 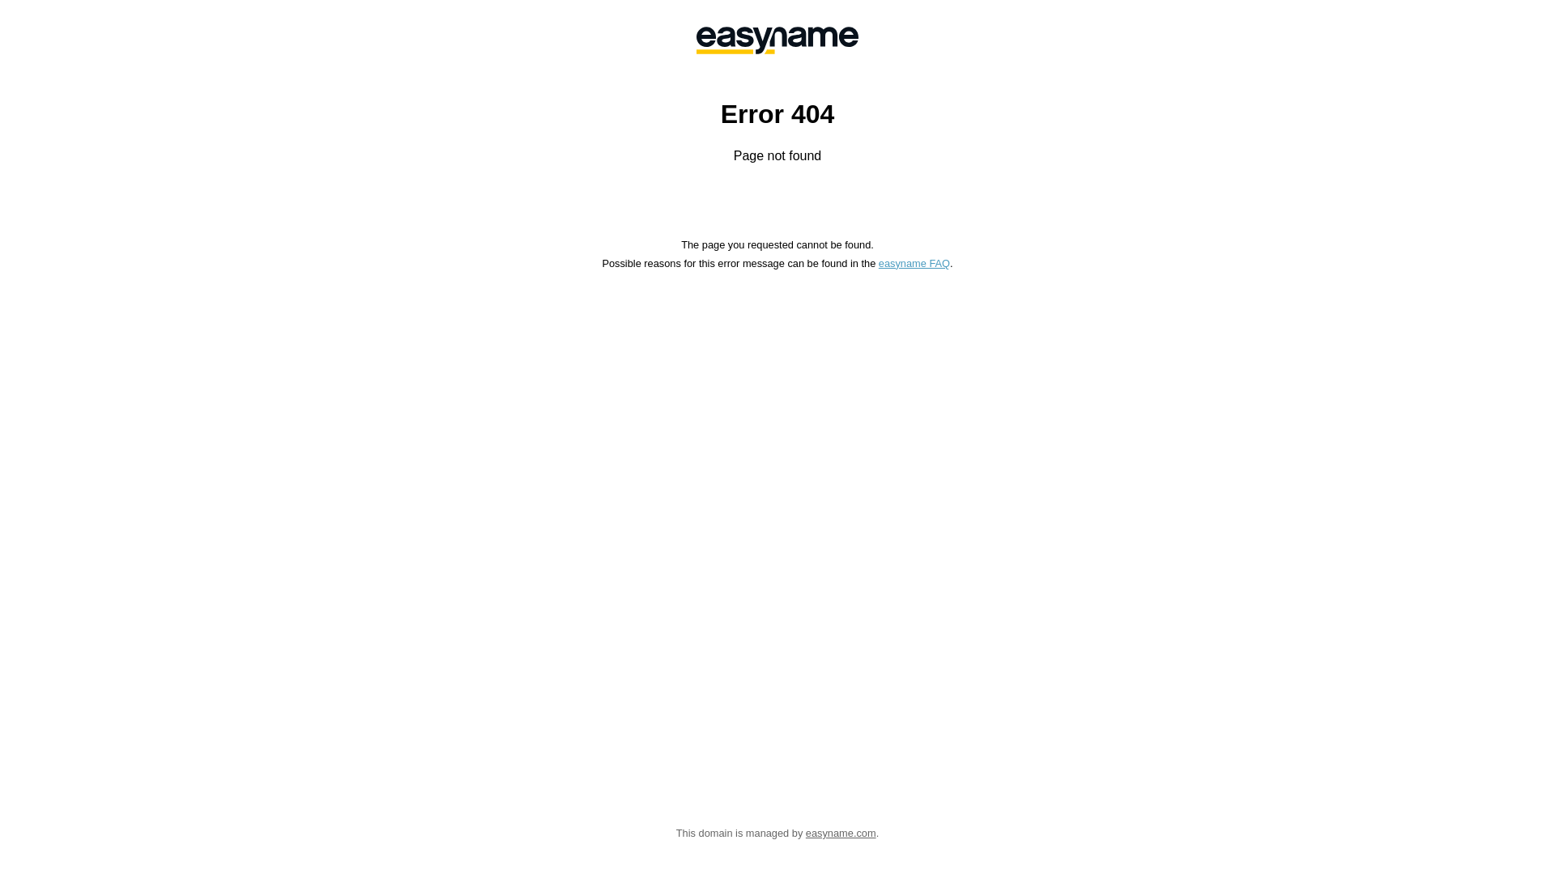 What do you see at coordinates (914, 262) in the screenshot?
I see `'easyname FAQ'` at bounding box center [914, 262].